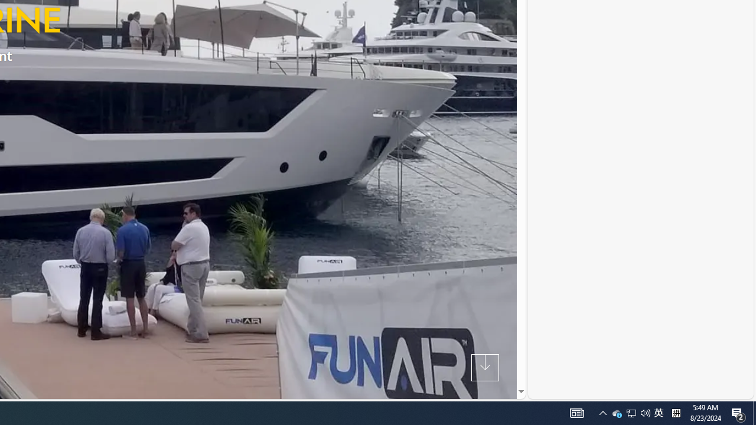 The height and width of the screenshot is (425, 756). I want to click on 'Next Section', so click(485, 367).